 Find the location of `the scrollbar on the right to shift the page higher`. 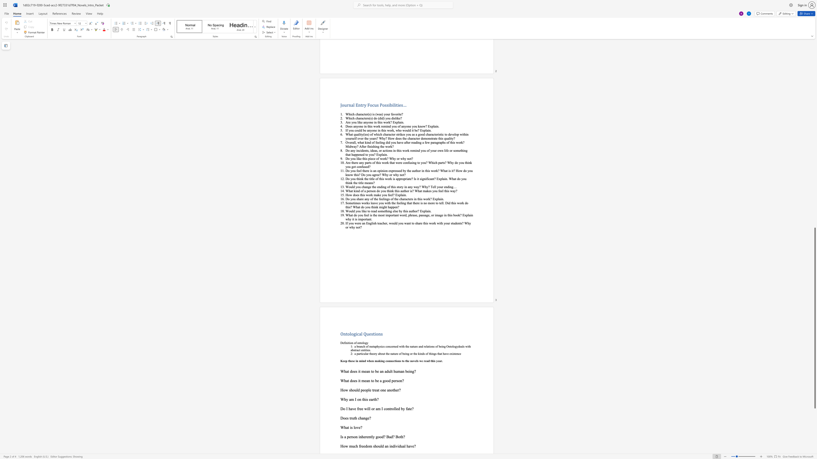

the scrollbar on the right to shift the page higher is located at coordinates (814, 70).